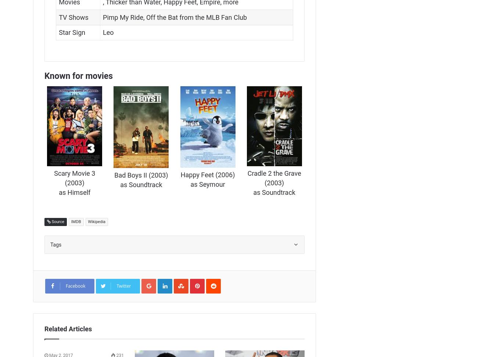  I want to click on 'Tags', so click(56, 244).